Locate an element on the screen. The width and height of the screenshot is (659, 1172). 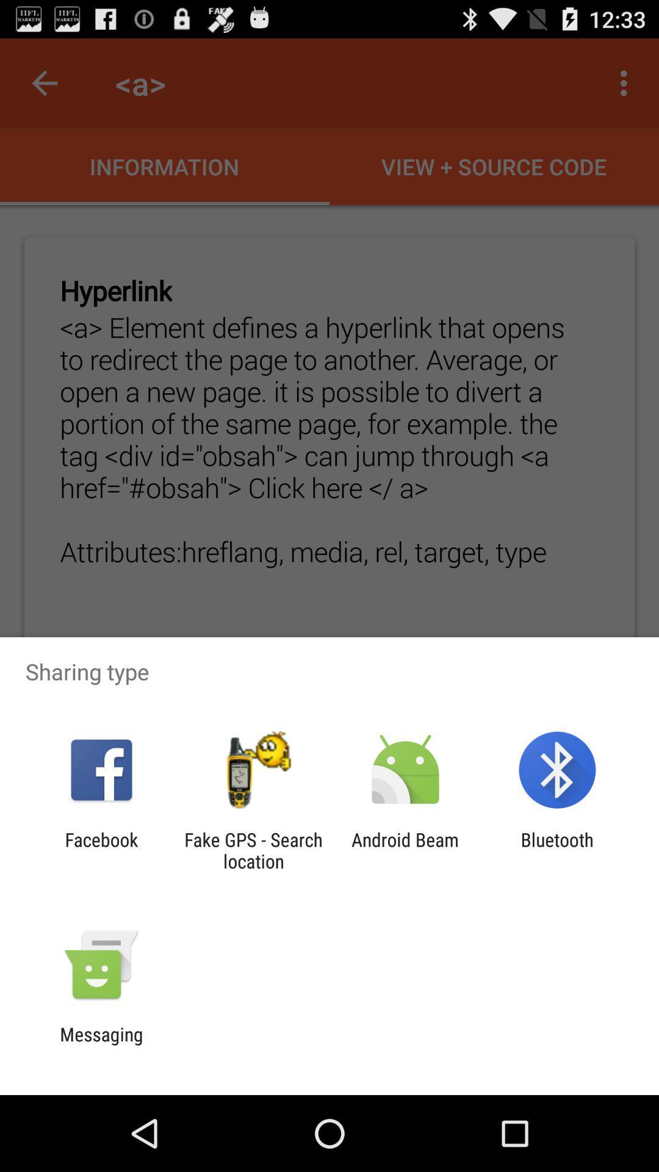
icon to the left of the android beam app is located at coordinates (253, 850).